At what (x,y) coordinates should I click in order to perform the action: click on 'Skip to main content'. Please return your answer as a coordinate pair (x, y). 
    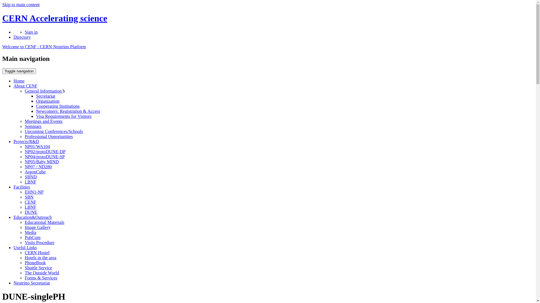
    Looking at the image, I should click on (21, 4).